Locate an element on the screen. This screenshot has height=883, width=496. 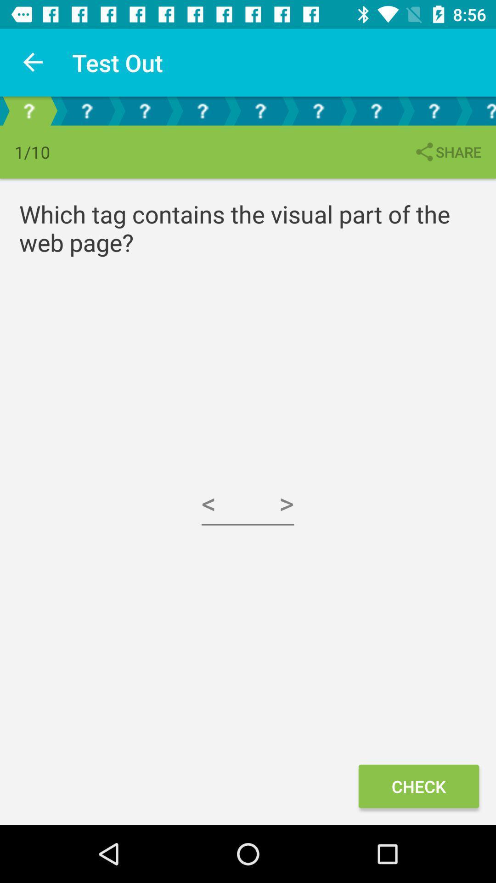
the icon at the center is located at coordinates (247, 502).